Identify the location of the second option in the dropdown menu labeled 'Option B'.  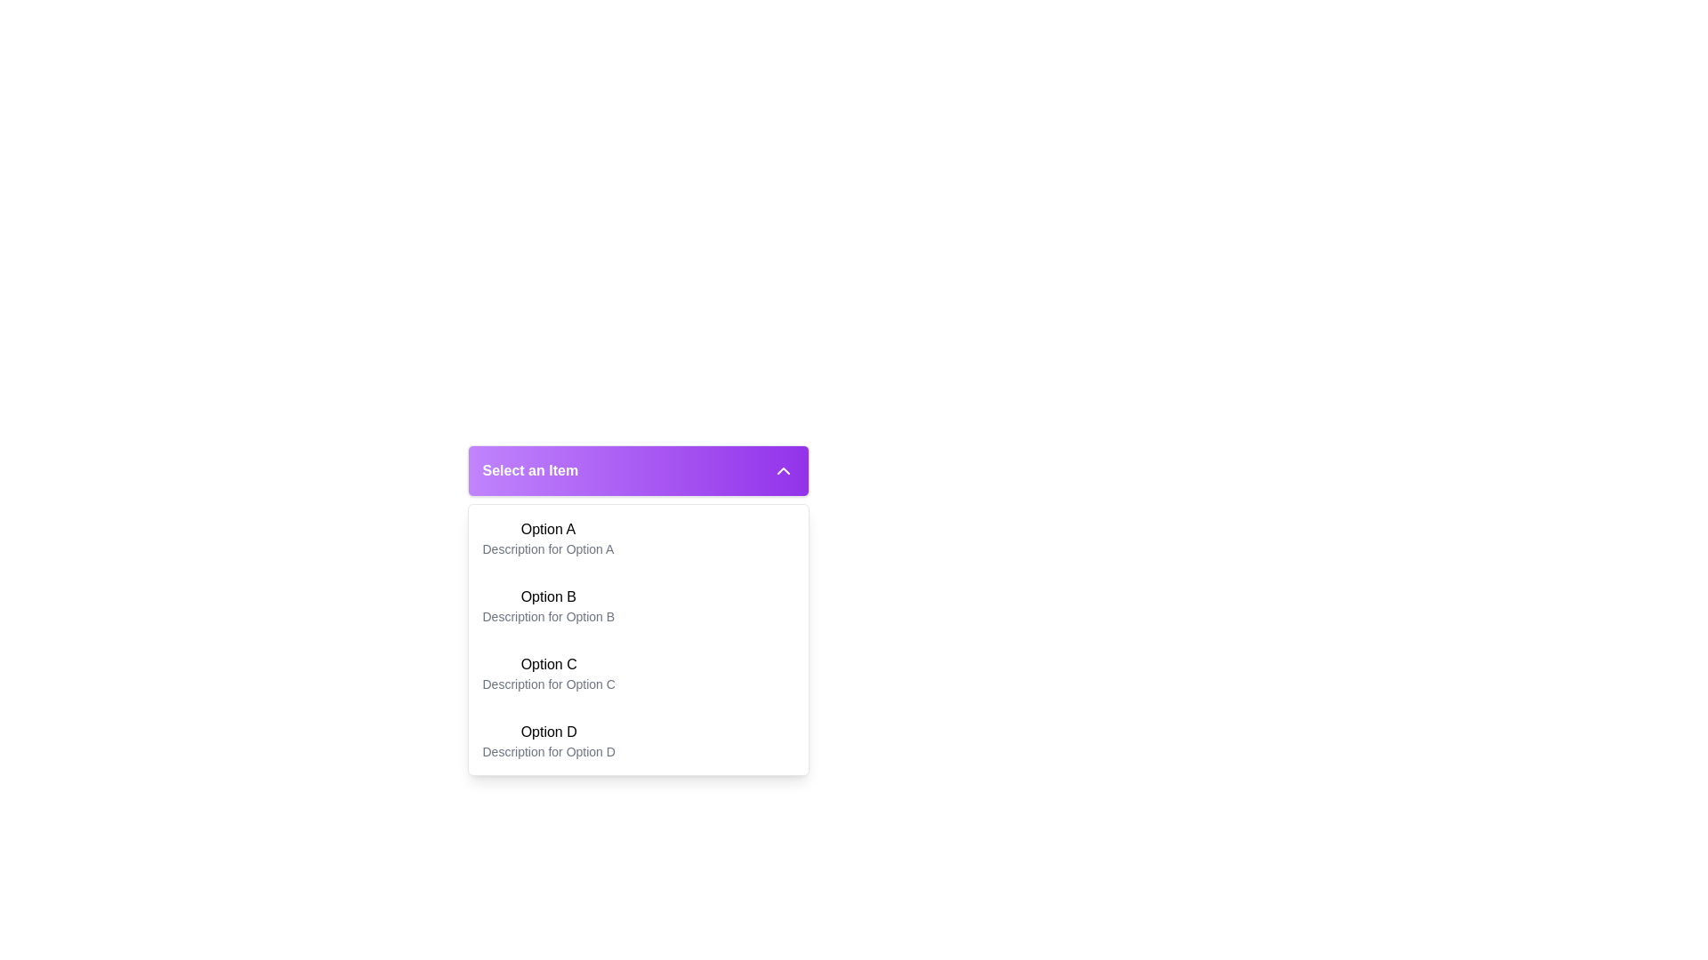
(547, 605).